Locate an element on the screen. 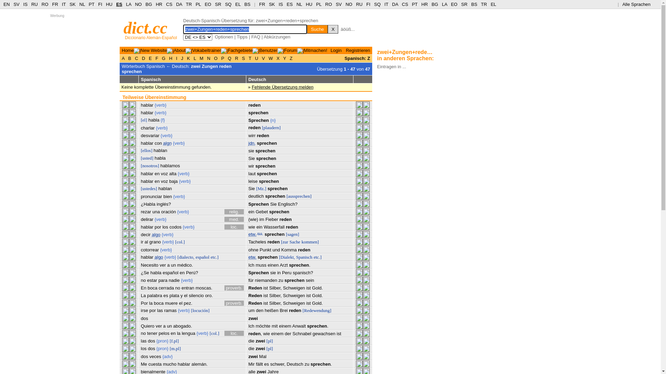 The image size is (666, 374). 'pronunciar' is located at coordinates (151, 196).